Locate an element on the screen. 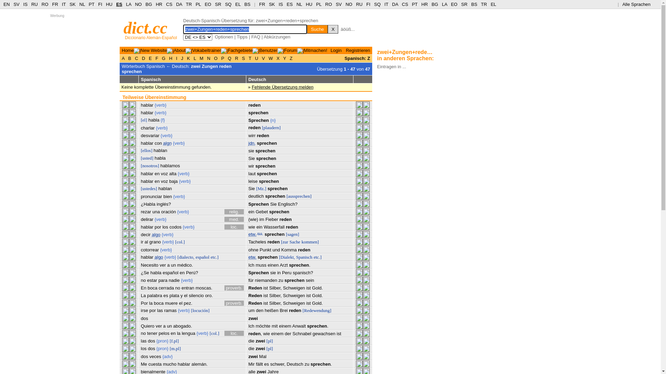 The image size is (666, 374). 'pronunciar' is located at coordinates (151, 196).